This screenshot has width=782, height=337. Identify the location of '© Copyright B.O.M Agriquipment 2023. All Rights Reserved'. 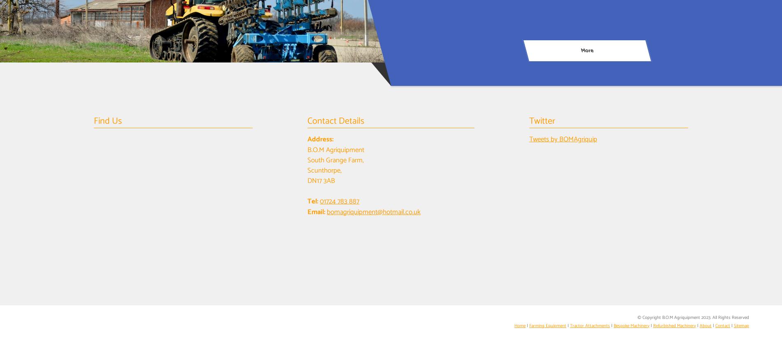
(638, 317).